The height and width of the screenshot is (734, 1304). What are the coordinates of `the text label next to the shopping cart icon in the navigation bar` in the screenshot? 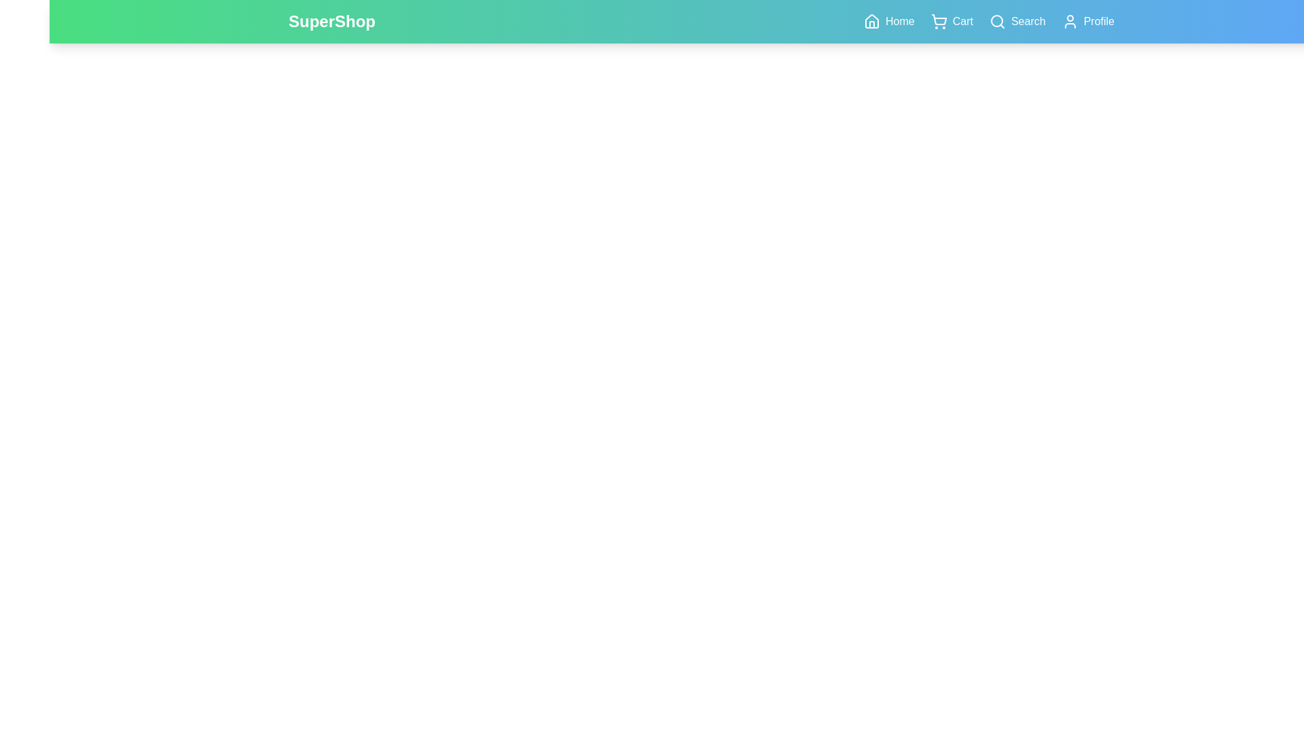 It's located at (961, 21).